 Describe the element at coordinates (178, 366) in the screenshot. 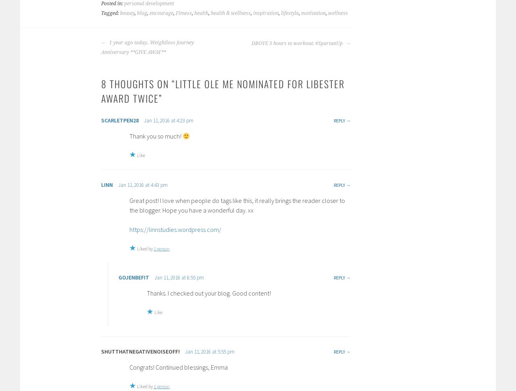

I see `'Congrats! Continued blessings, Emma'` at that location.